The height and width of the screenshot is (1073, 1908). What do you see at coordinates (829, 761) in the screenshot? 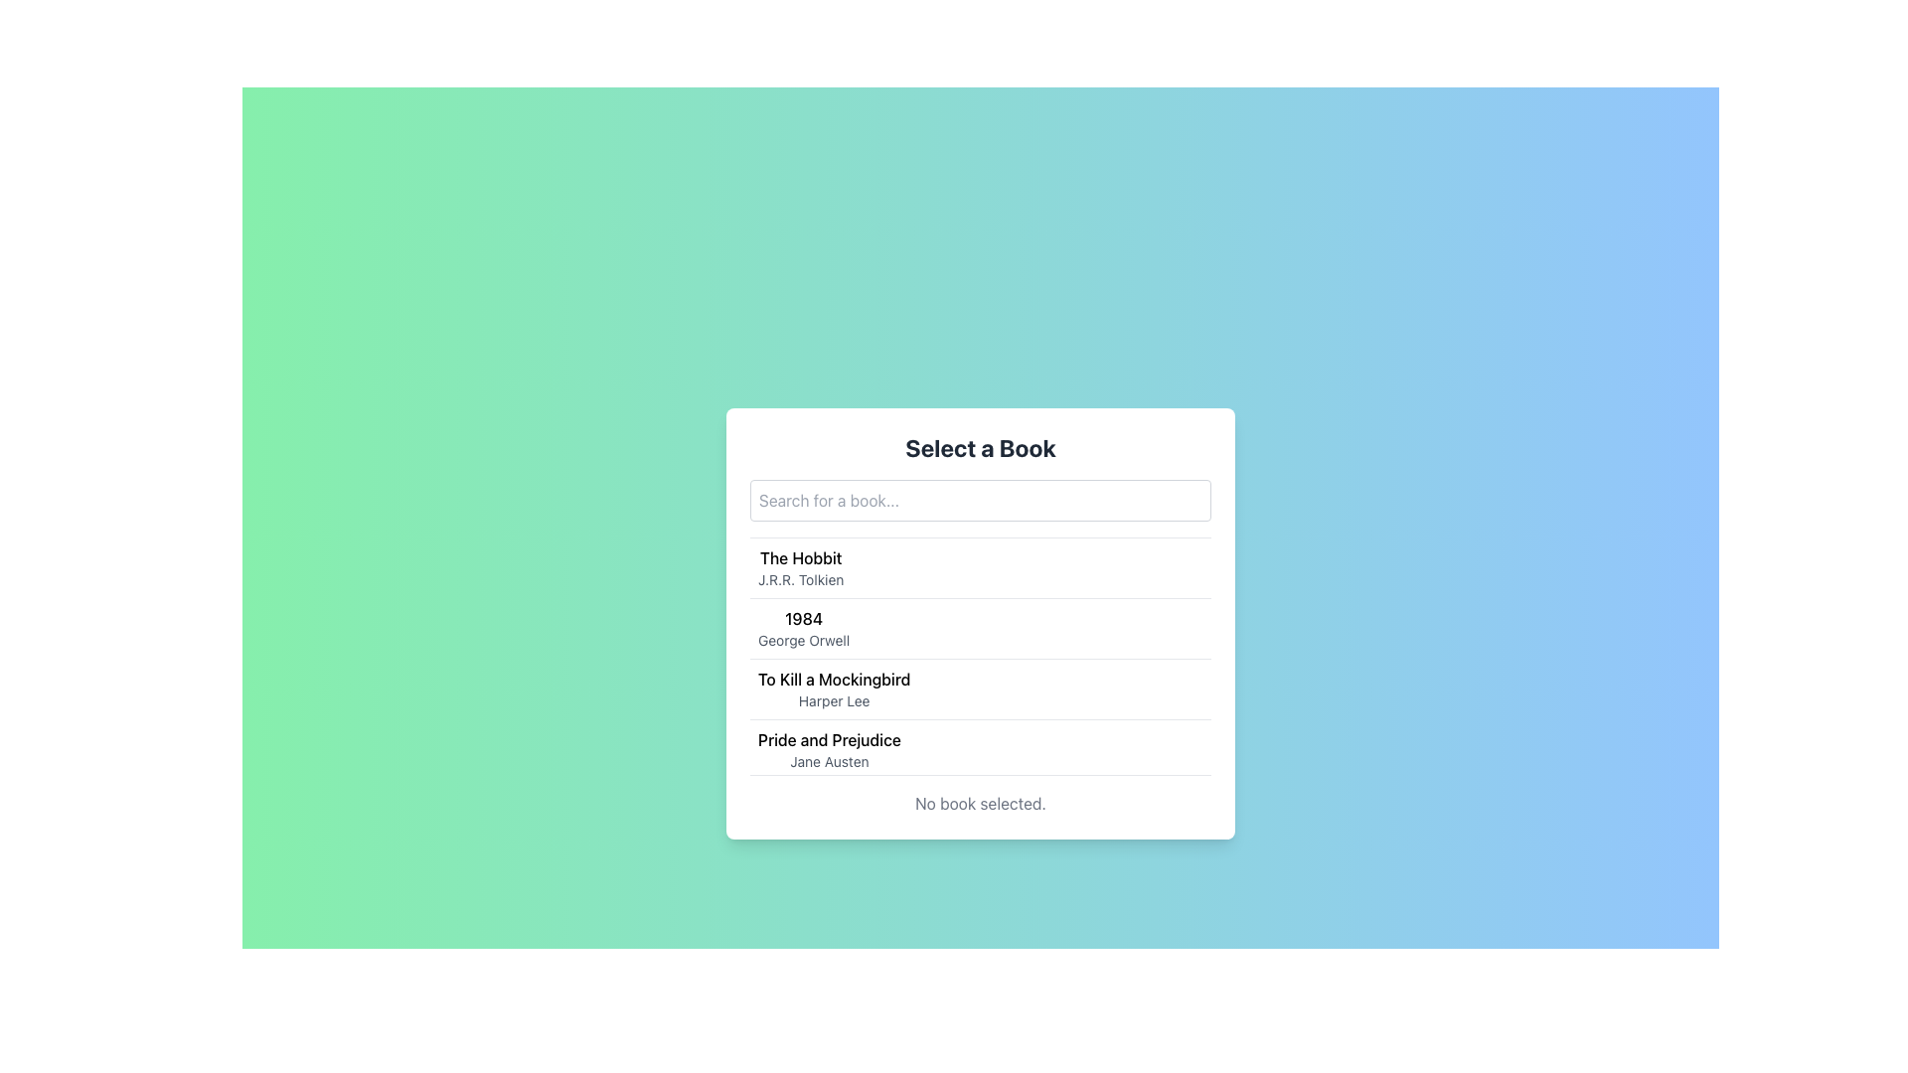
I see `the non-interactive Text Label that provides information about the author of the book 'Pride and Prejudice', positioned below the title in the dropdown interface` at bounding box center [829, 761].